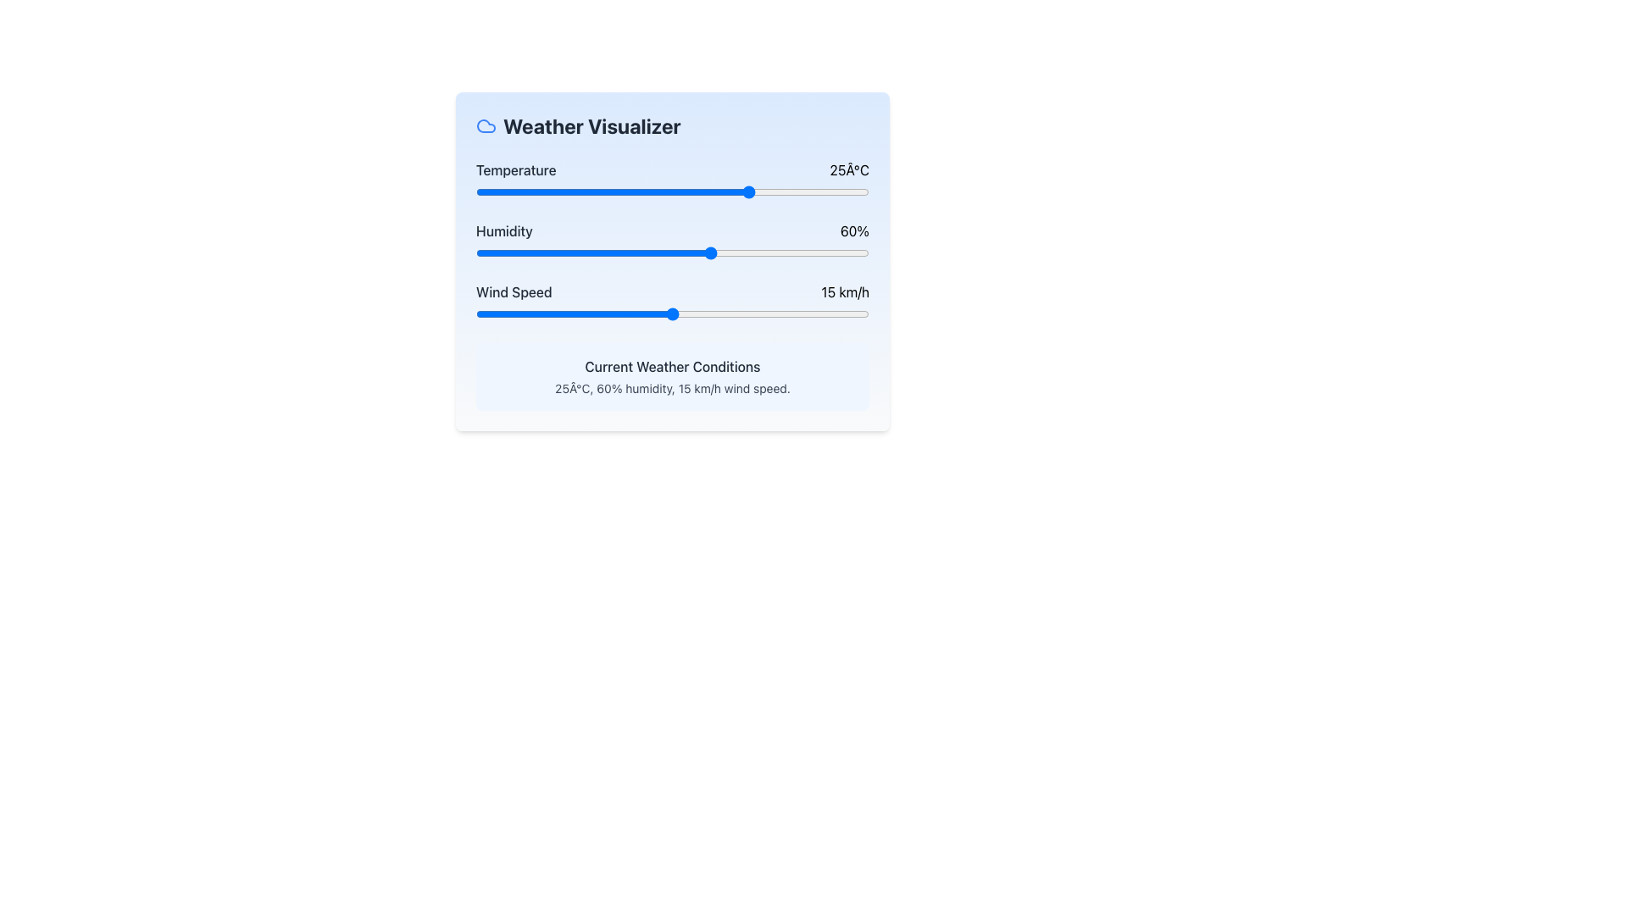 The image size is (1627, 915). I want to click on wind speed, so click(843, 313).